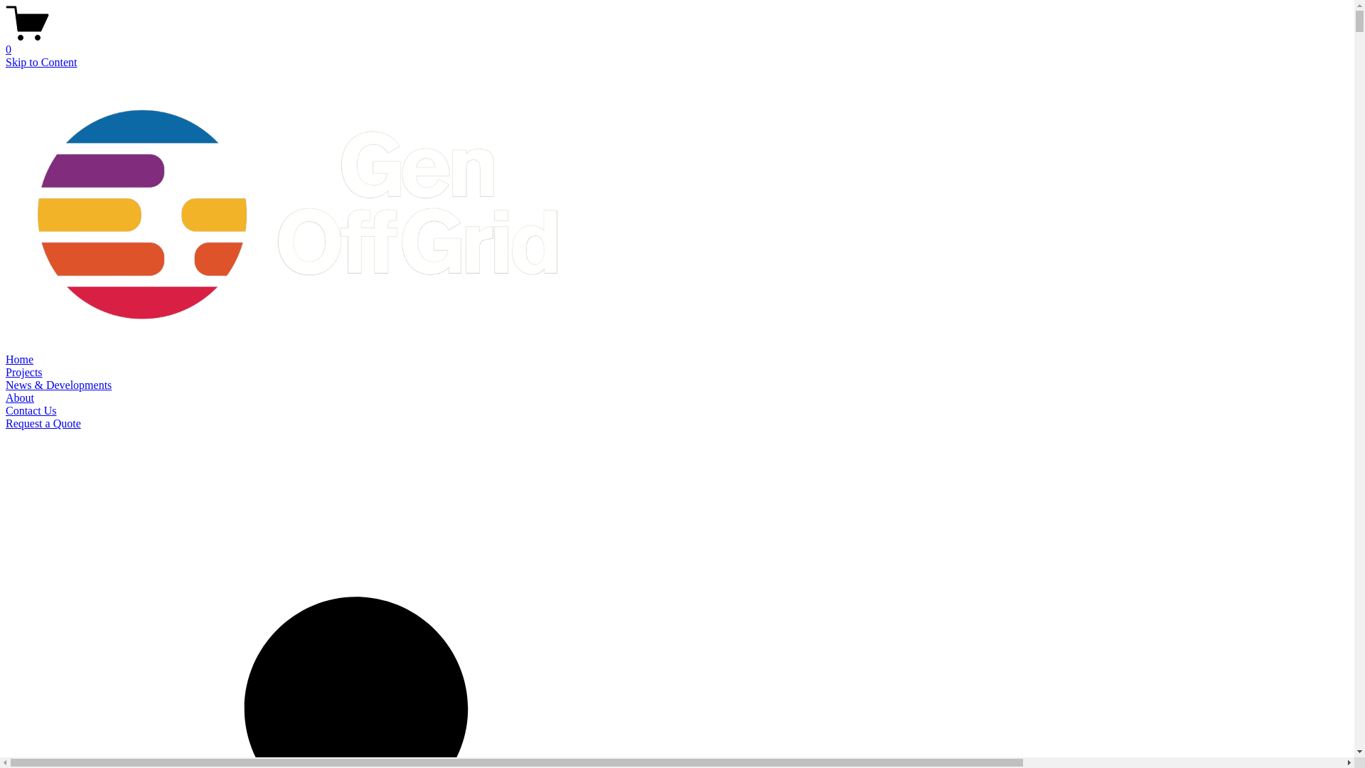 Image resolution: width=1365 pixels, height=768 pixels. I want to click on 'Request a Quote', so click(43, 422).